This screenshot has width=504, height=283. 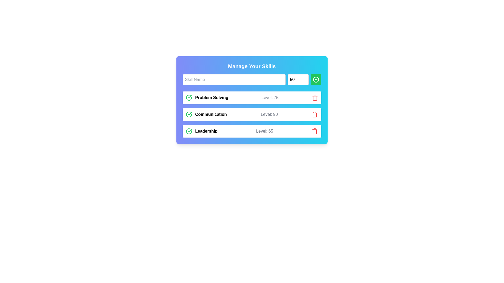 What do you see at coordinates (316, 80) in the screenshot?
I see `the circular green button with a plus symbol inside` at bounding box center [316, 80].